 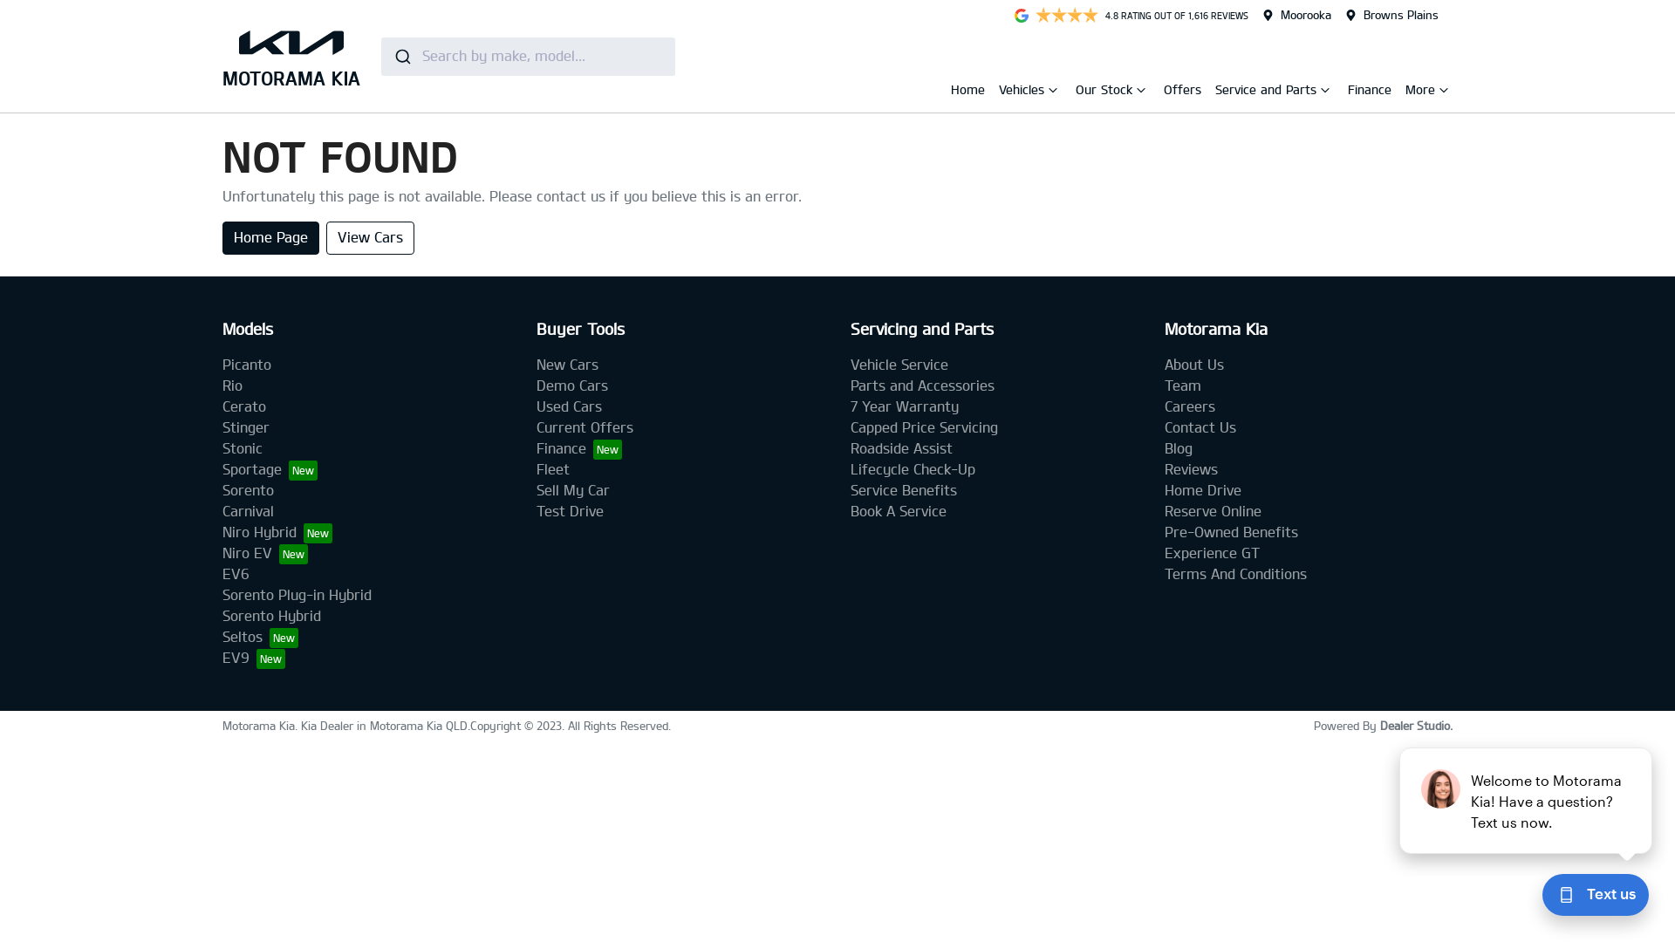 I want to click on 'Dealer Studio.', so click(x=1379, y=726).